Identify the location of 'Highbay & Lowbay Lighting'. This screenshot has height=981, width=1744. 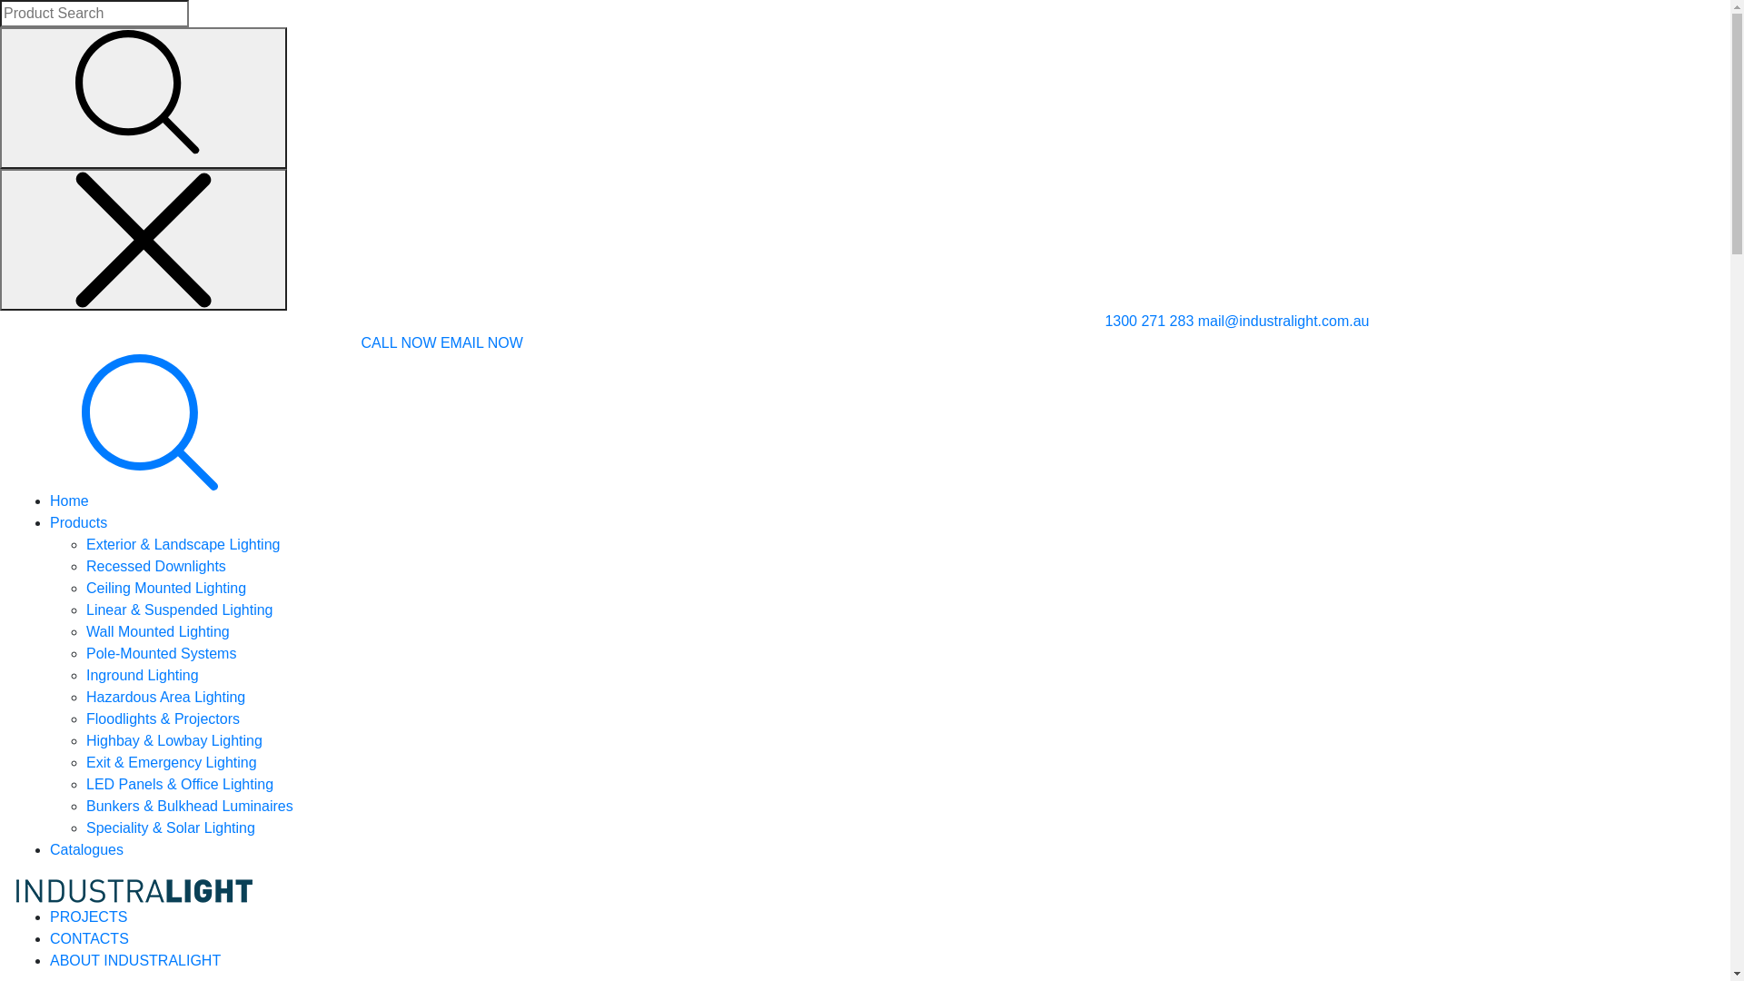
(85, 740).